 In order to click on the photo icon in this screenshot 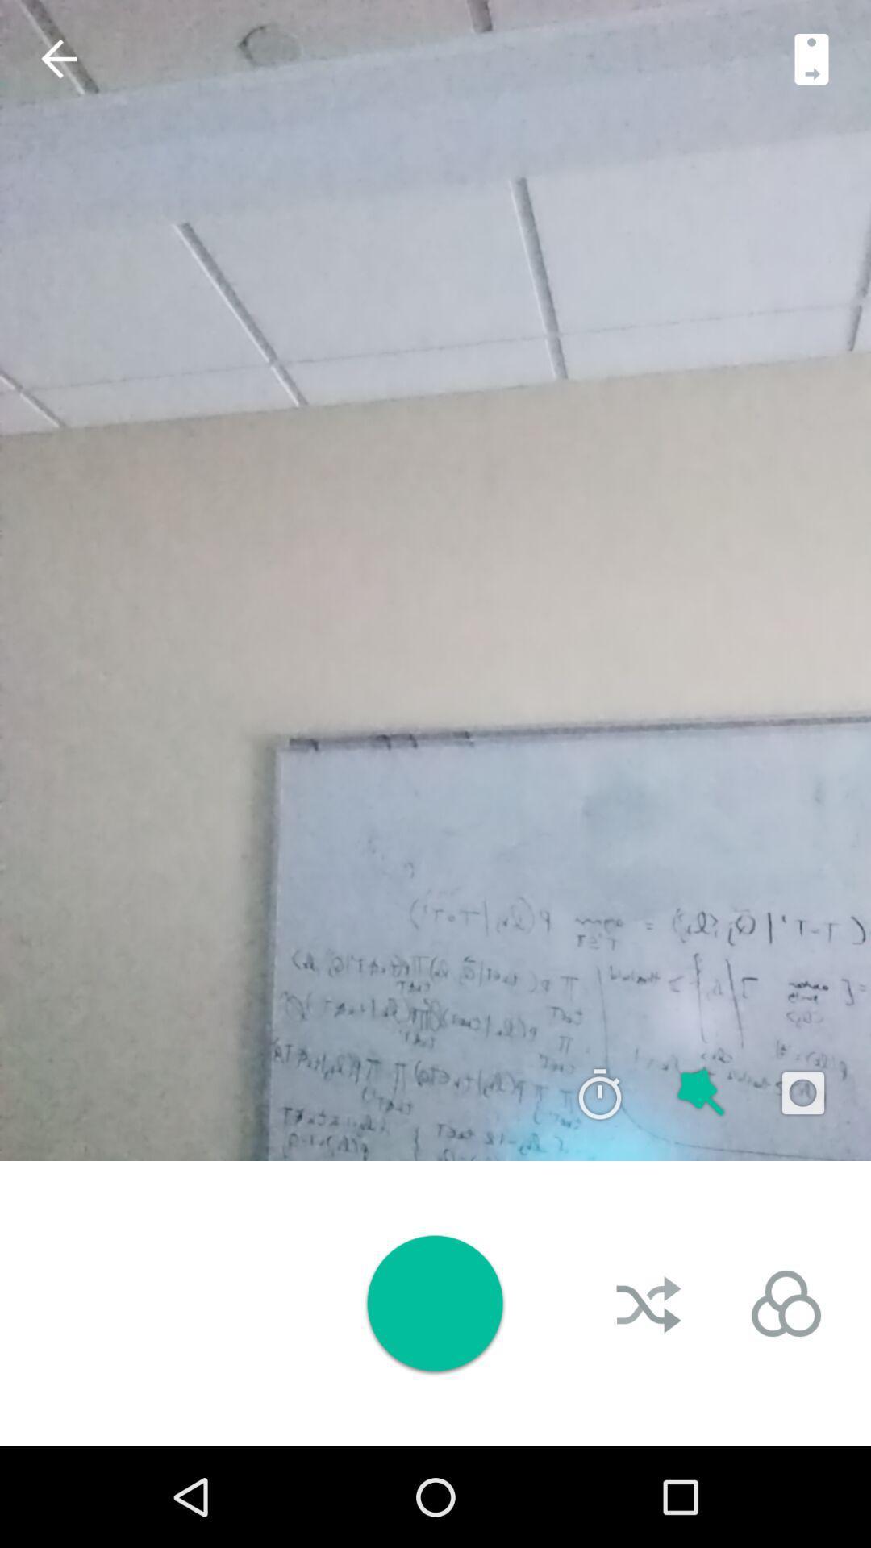, I will do `click(802, 1093)`.